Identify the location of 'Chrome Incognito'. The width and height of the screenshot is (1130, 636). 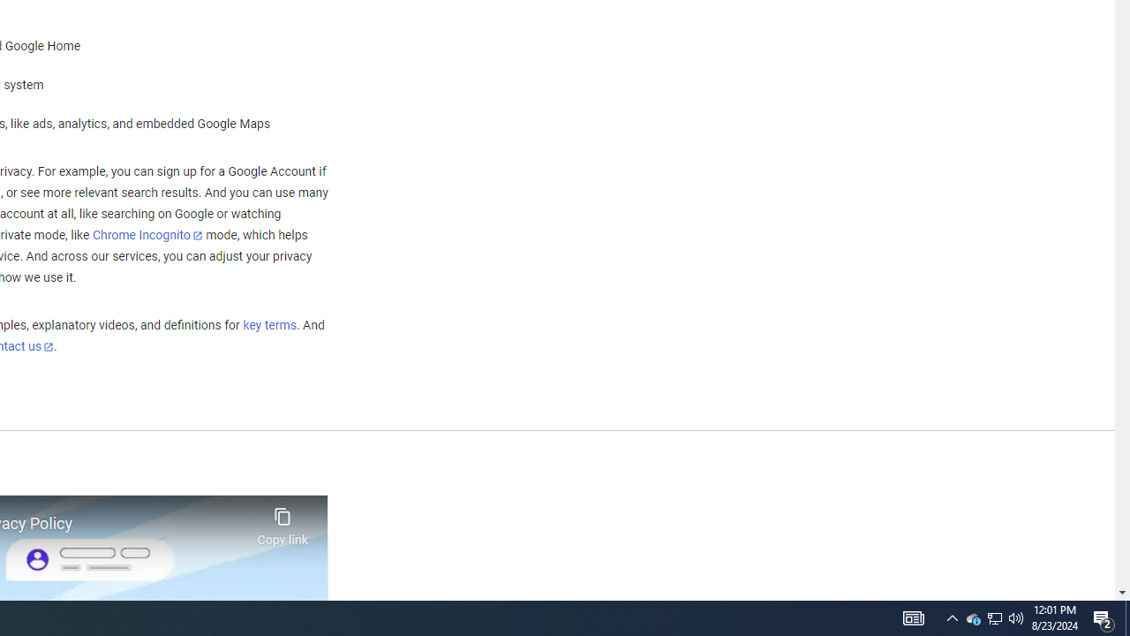
(147, 234).